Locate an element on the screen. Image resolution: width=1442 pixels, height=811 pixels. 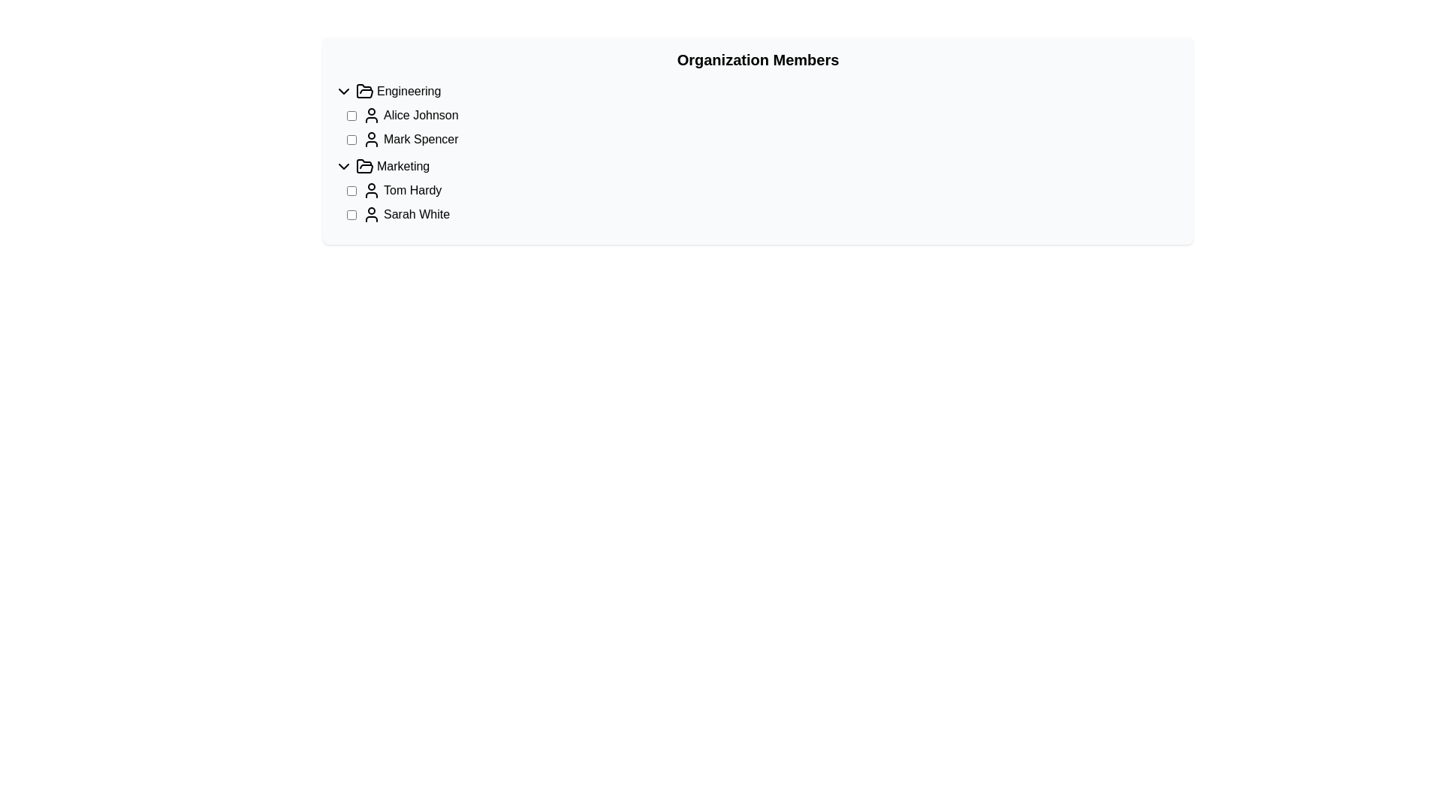
the open folder icon located to the left of the text 'Engineering' in the top row of the organization members list is located at coordinates (364, 92).